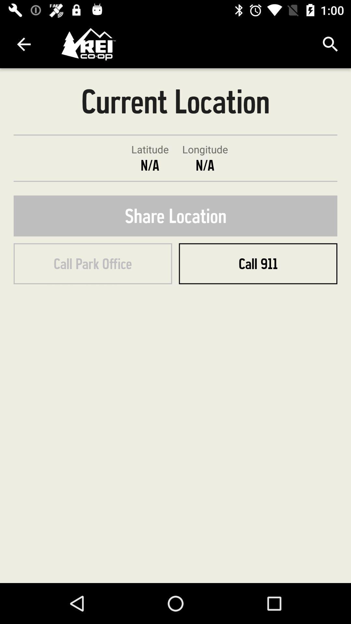  Describe the element at coordinates (258, 264) in the screenshot. I see `item to the right of call park office item` at that location.